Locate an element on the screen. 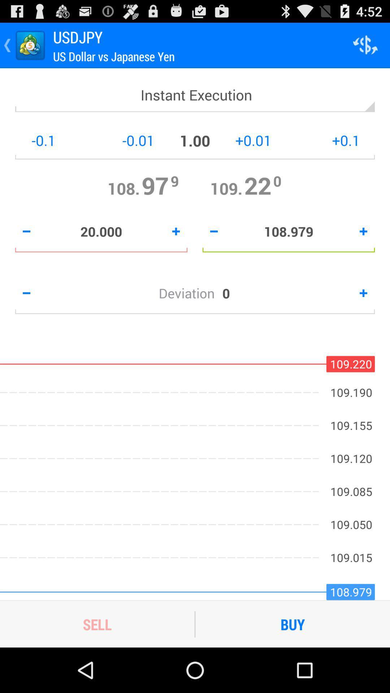  108.979 icon is located at coordinates (288, 231).